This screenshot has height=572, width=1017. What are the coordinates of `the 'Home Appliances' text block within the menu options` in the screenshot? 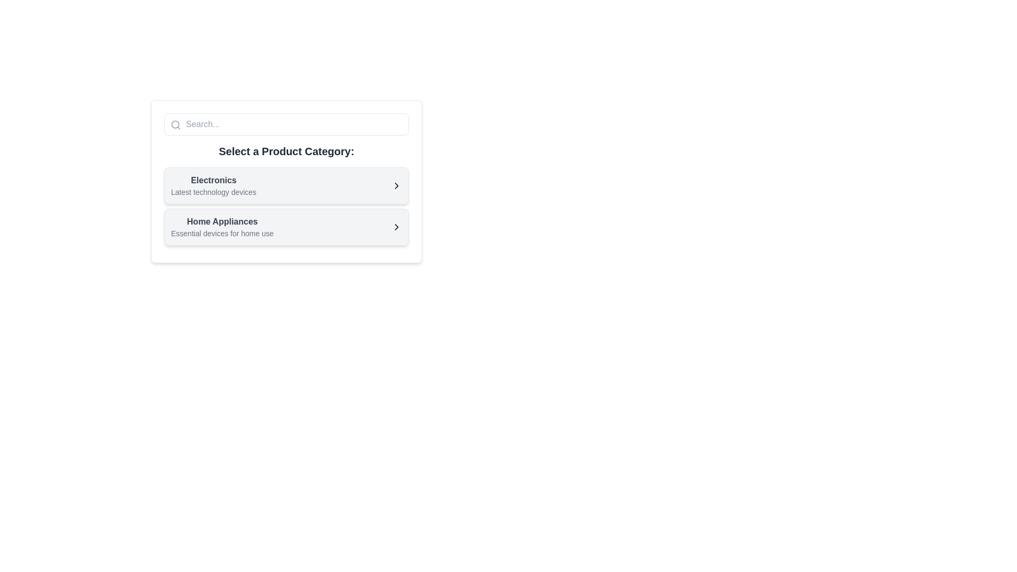 It's located at (221, 226).